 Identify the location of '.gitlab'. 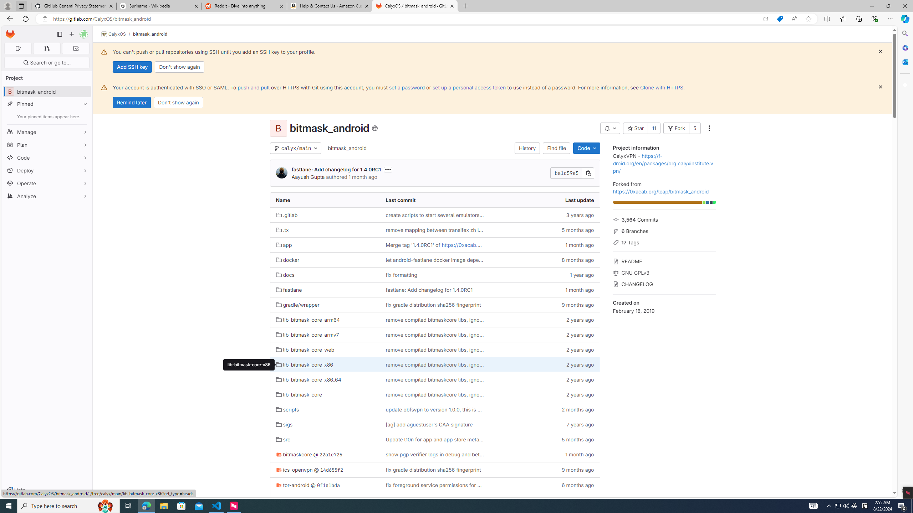
(286, 214).